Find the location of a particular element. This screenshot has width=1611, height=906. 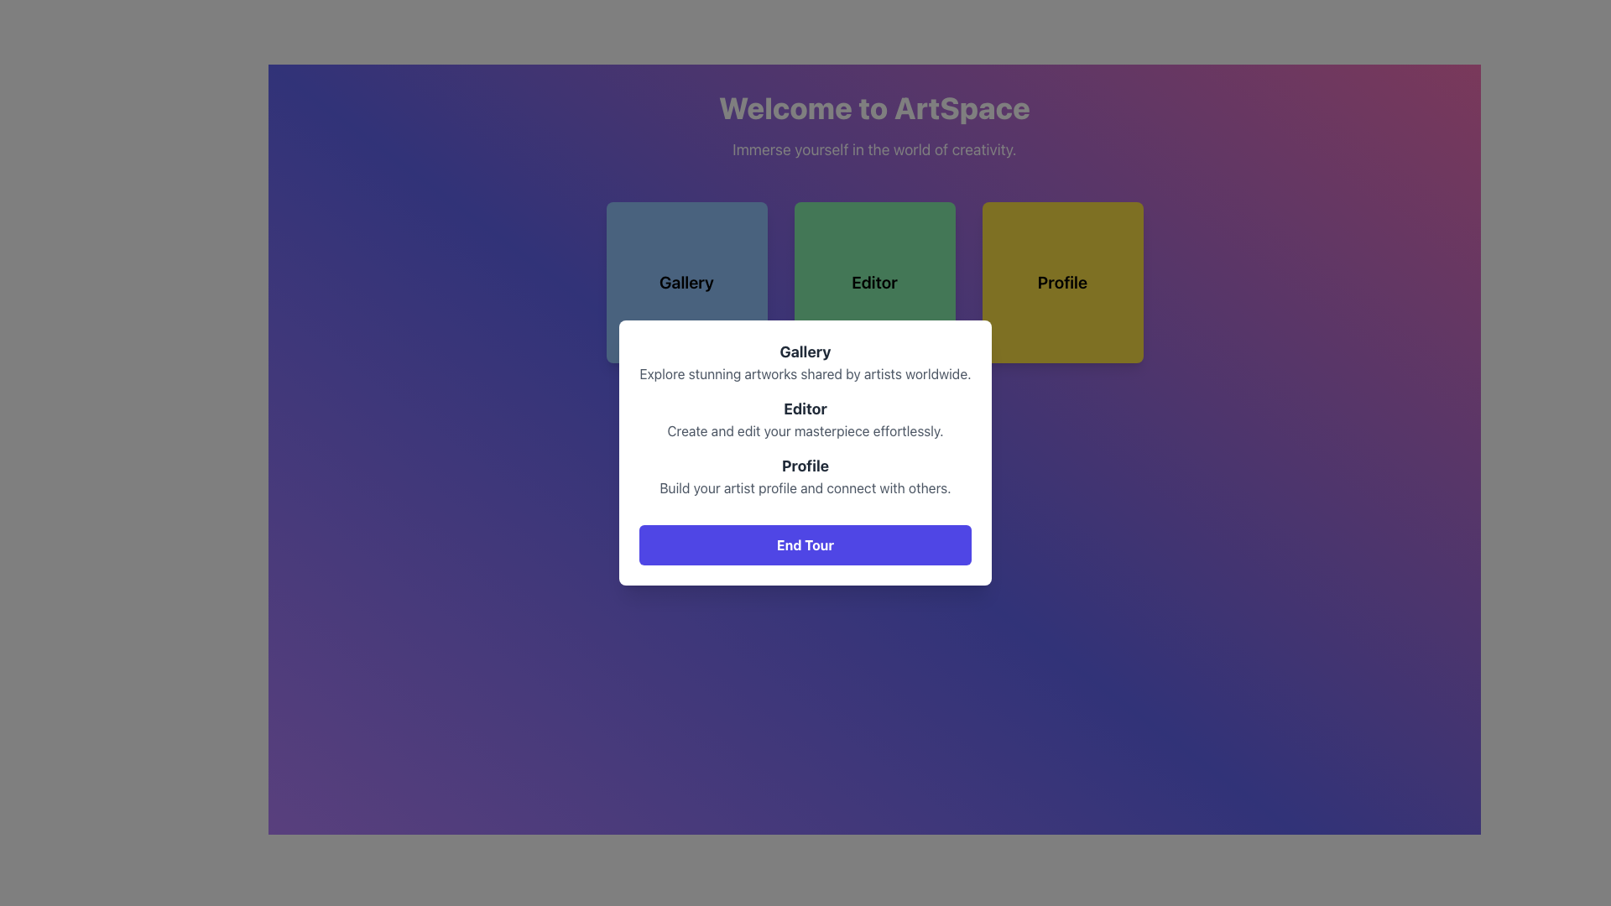

information provided in the 'Editor' text block, which is the second section in the vertical layout, containing a bold title and a lighter gray description is located at coordinates (805, 419).